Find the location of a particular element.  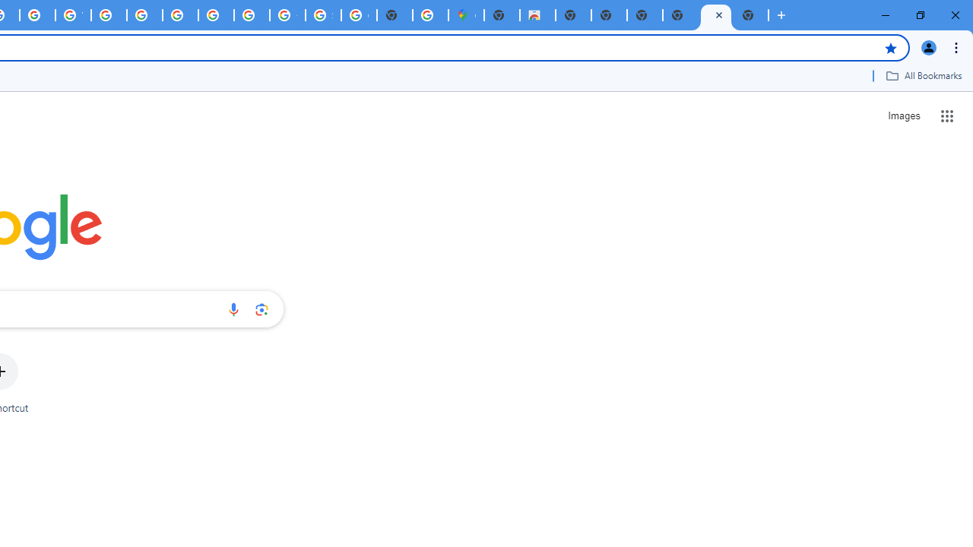

'YouTube' is located at coordinates (72, 15).